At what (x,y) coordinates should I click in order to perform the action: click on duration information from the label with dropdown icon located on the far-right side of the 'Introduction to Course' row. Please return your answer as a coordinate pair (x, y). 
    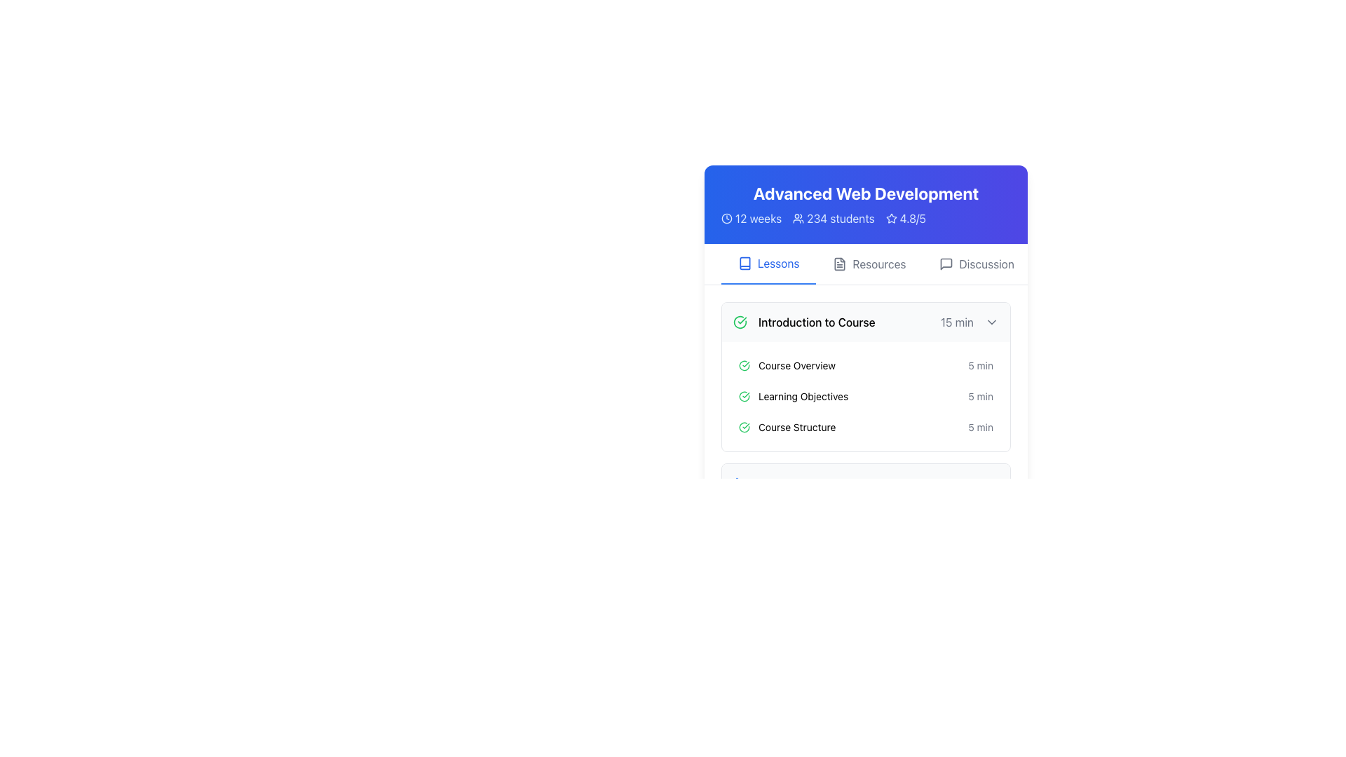
    Looking at the image, I should click on (969, 322).